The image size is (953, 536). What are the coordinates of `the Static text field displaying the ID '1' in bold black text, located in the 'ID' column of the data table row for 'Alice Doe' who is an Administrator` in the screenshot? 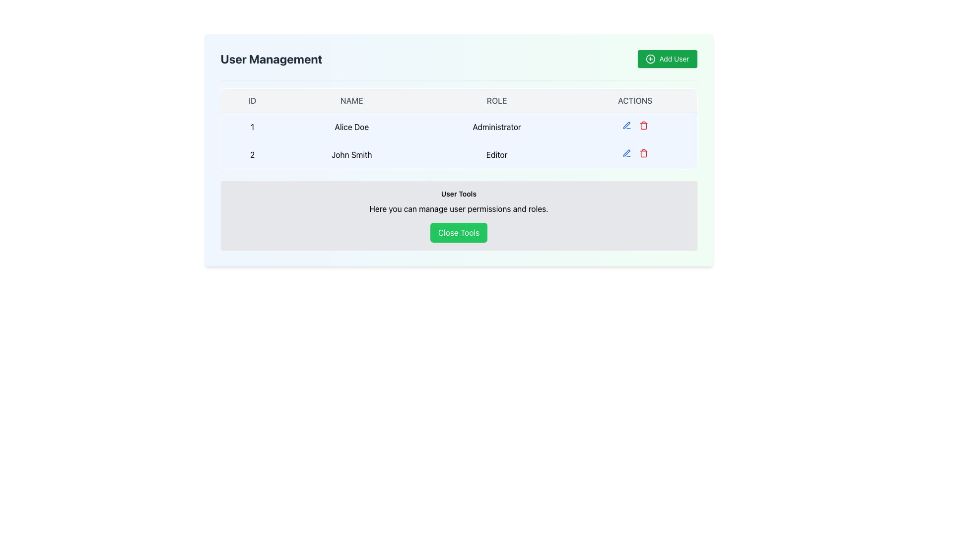 It's located at (252, 126).